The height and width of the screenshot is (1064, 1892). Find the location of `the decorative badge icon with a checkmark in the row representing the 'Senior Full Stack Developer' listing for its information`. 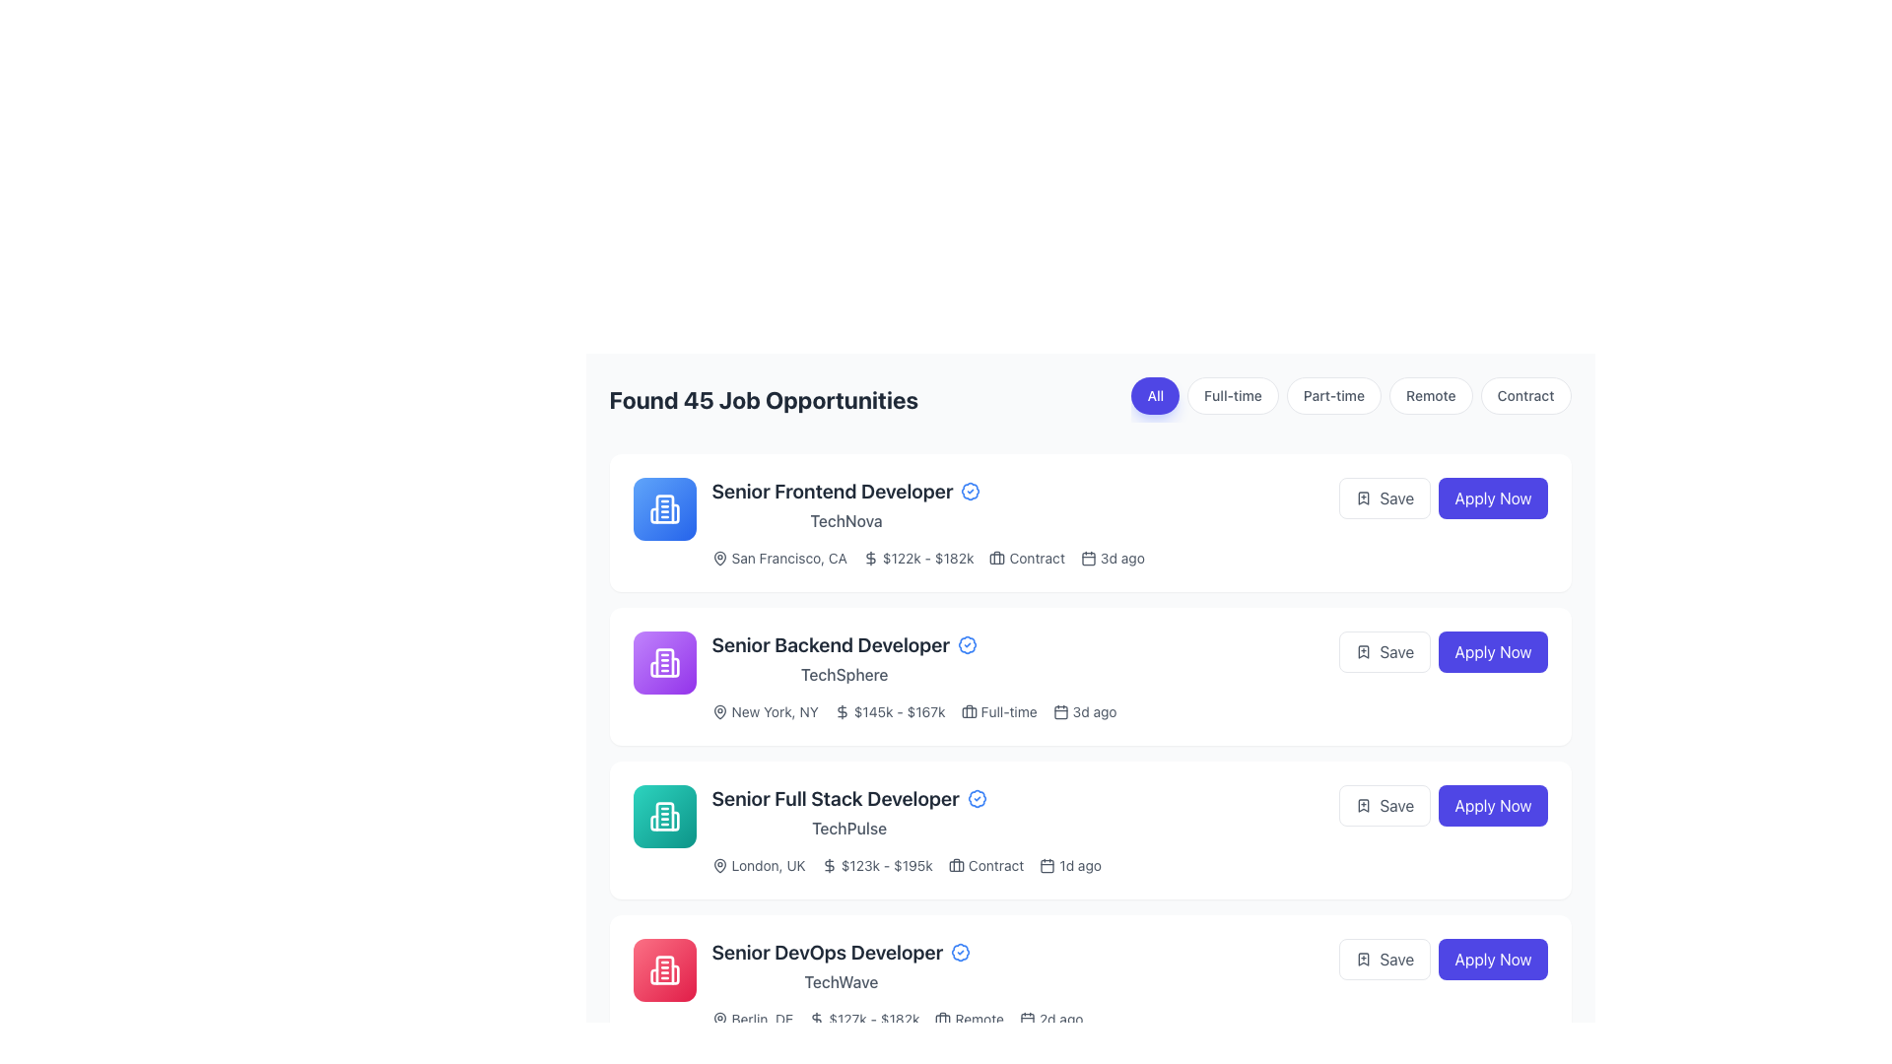

the decorative badge icon with a checkmark in the row representing the 'Senior Full Stack Developer' listing for its information is located at coordinates (977, 798).